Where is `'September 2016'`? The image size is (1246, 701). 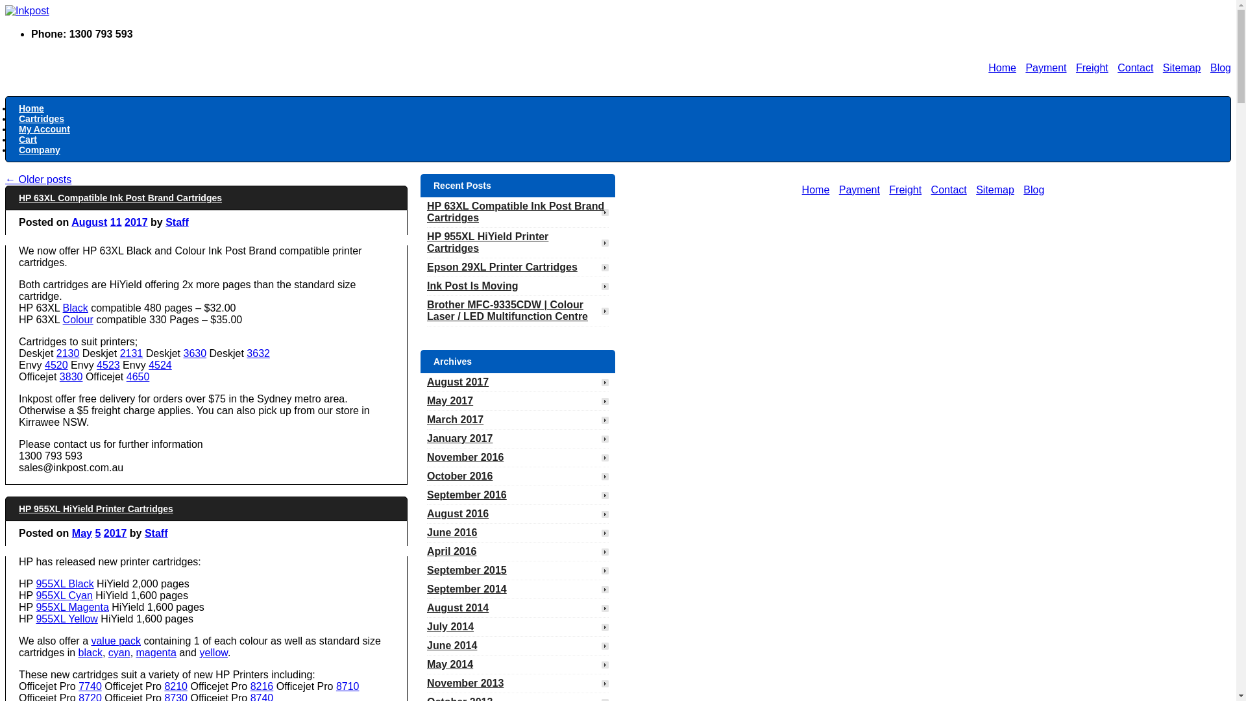 'September 2016' is located at coordinates (472, 495).